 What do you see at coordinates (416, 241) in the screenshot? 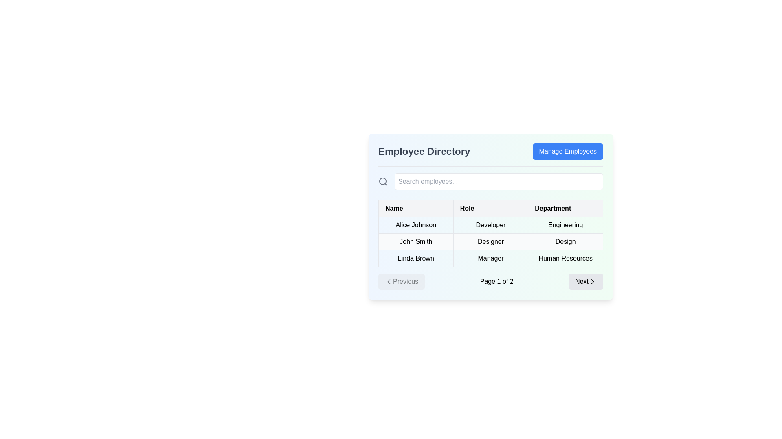
I see `the Table cell displaying the employee's name in the second row and first column under the 'Name' column of the 'Employee Directory' table` at bounding box center [416, 241].